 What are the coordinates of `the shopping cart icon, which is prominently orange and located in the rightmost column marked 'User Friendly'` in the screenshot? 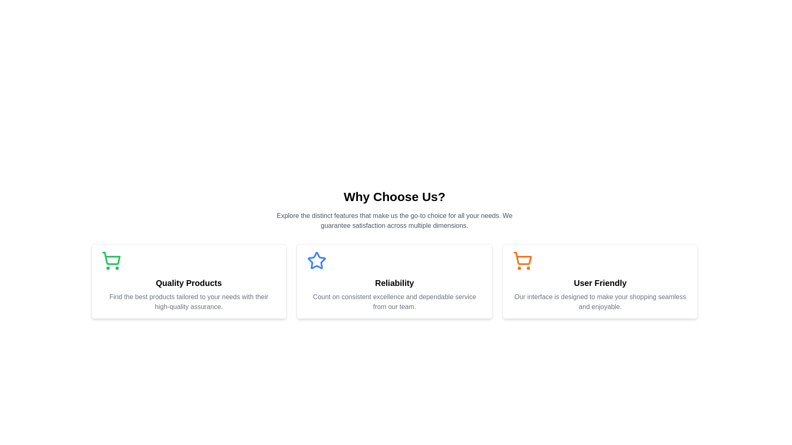 It's located at (522, 260).